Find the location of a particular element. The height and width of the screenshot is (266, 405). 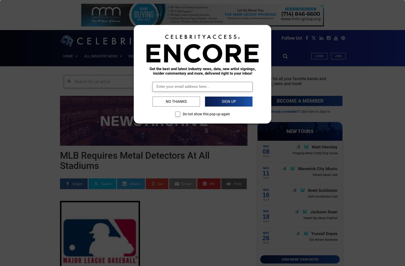

'Technology News' is located at coordinates (108, 235).